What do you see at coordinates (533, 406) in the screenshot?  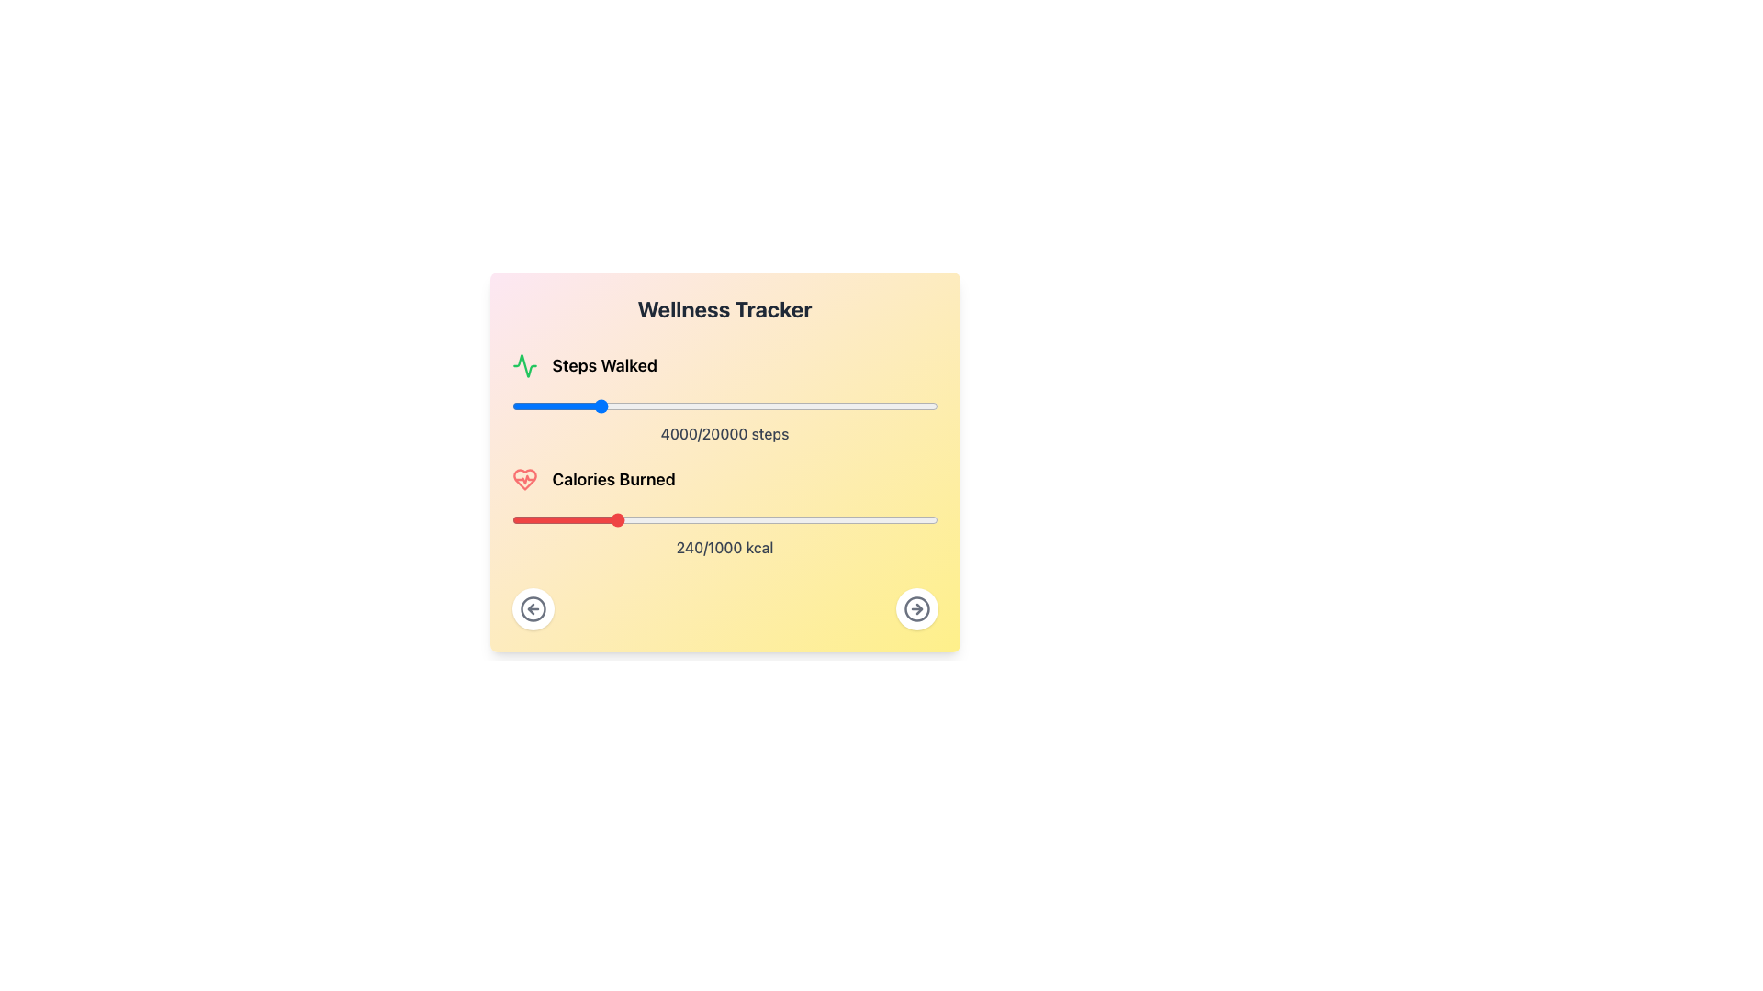 I see `the 'Steps Walked' slider` at bounding box center [533, 406].